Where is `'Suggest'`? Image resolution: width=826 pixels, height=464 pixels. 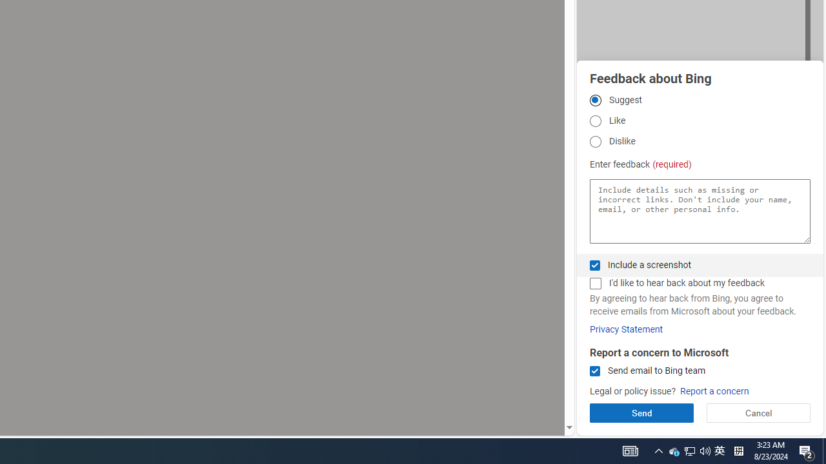 'Suggest' is located at coordinates (594, 99).